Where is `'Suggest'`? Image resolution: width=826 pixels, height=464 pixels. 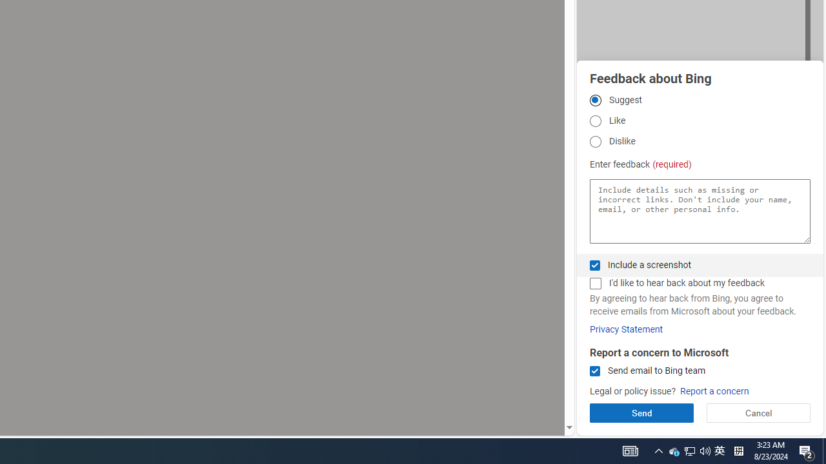 'Suggest' is located at coordinates (594, 99).